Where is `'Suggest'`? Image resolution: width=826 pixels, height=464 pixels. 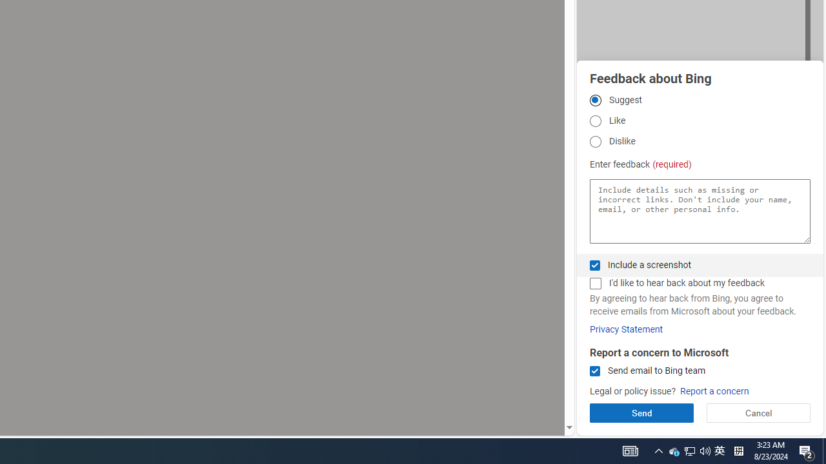 'Suggest' is located at coordinates (594, 99).